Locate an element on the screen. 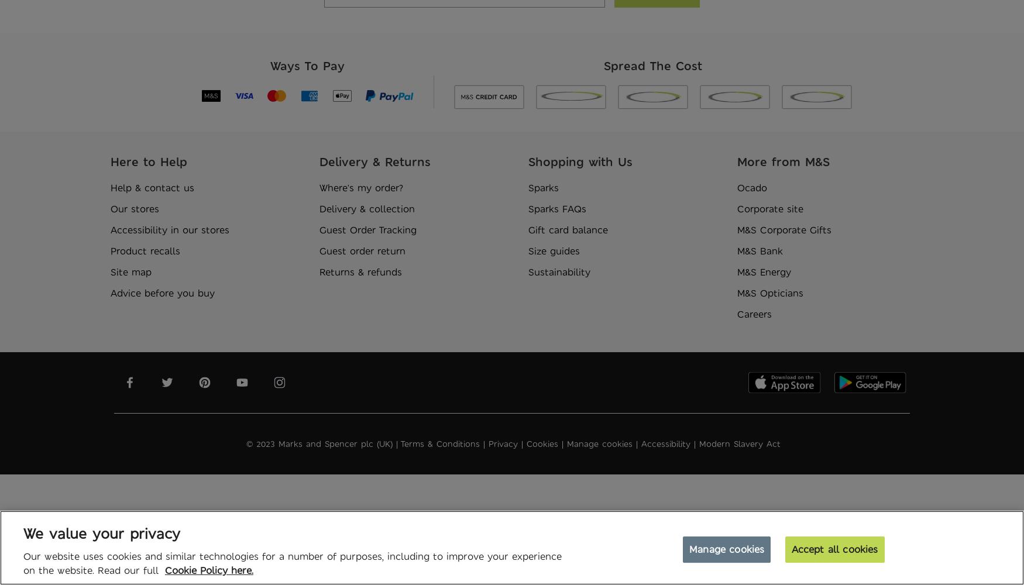 The width and height of the screenshot is (1024, 585). 'Advice before you buy' is located at coordinates (162, 293).